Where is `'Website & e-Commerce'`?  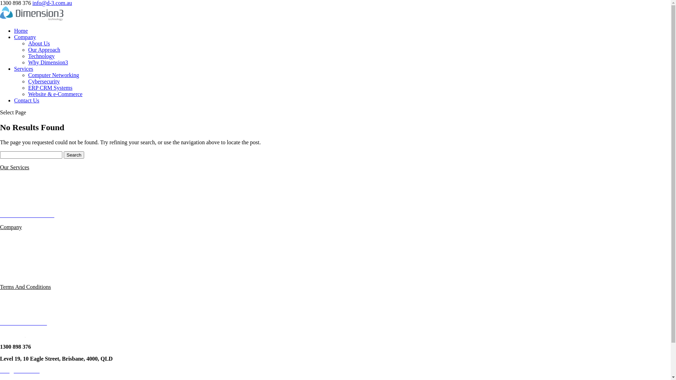
'Website & e-Commerce' is located at coordinates (28, 94).